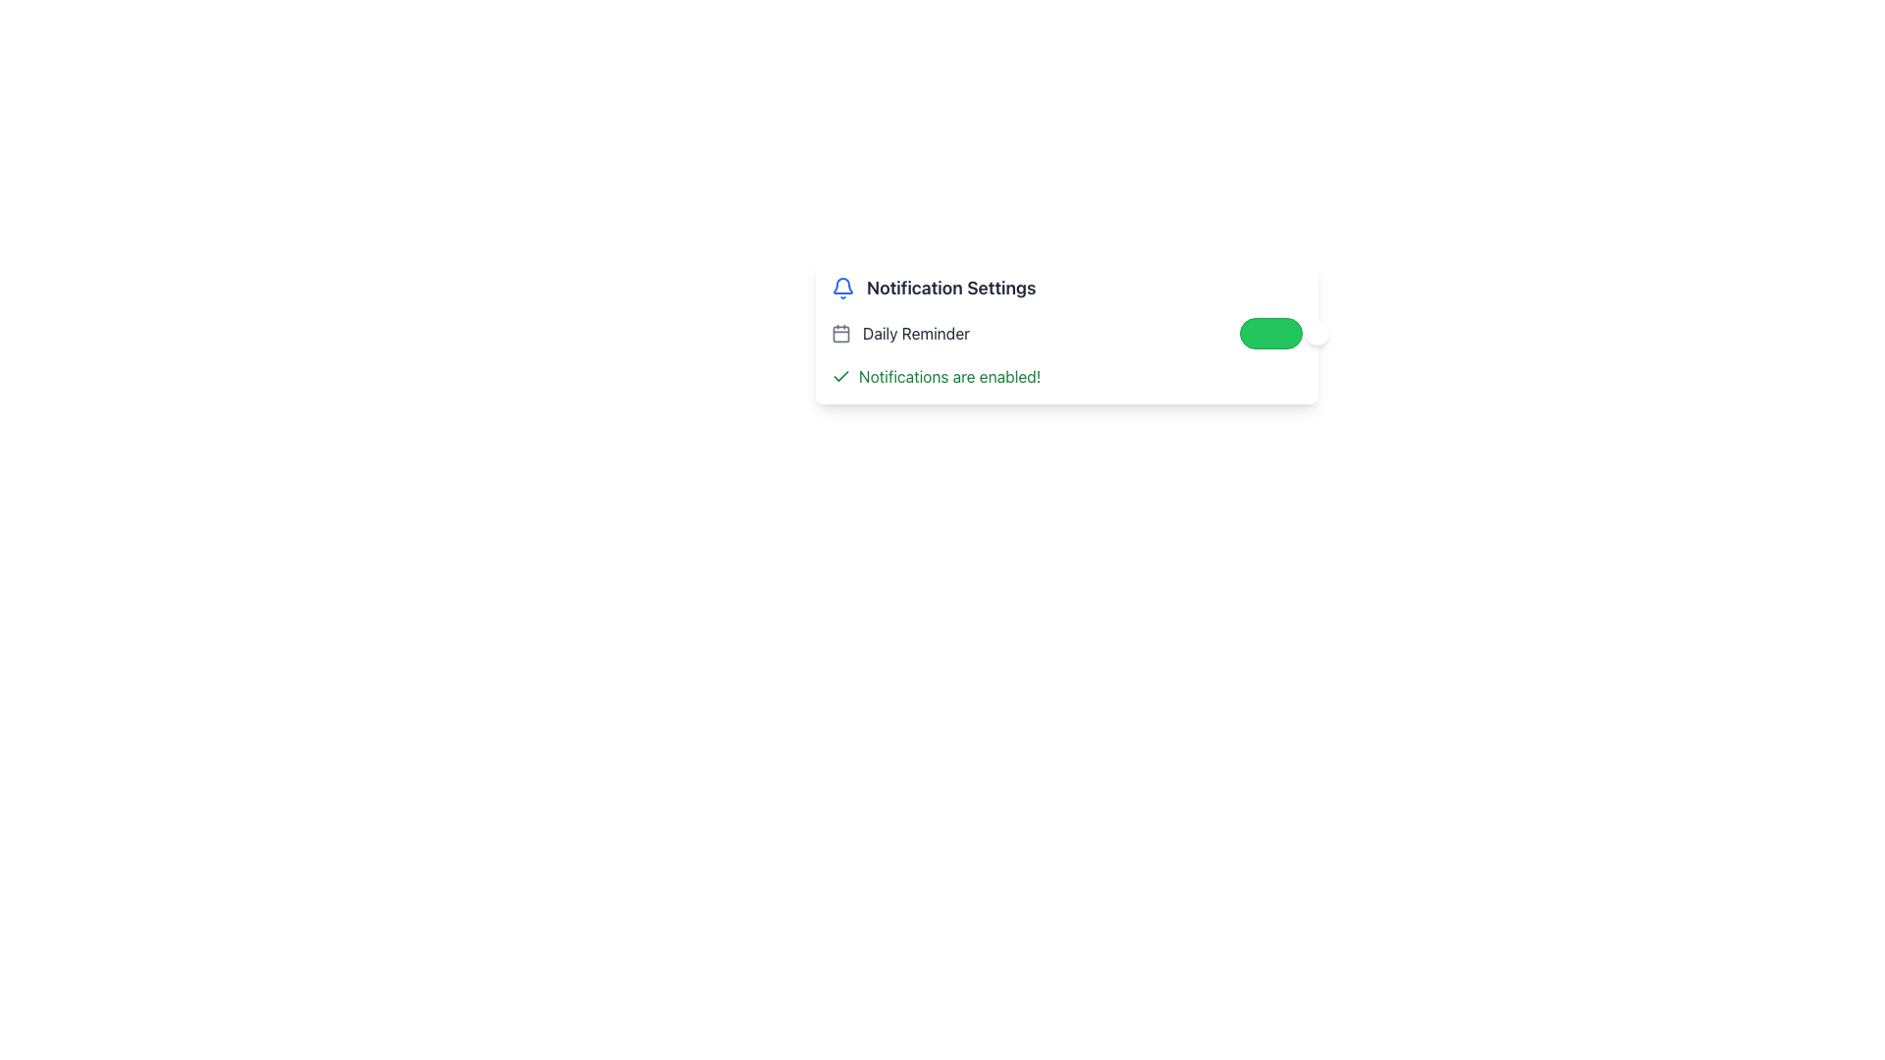 This screenshot has width=1885, height=1060. What do you see at coordinates (899, 332) in the screenshot?
I see `the 'Daily Reminder' label located in the 'Notification Settings' section, which displays dark gray text and has a calendar icon to its left` at bounding box center [899, 332].